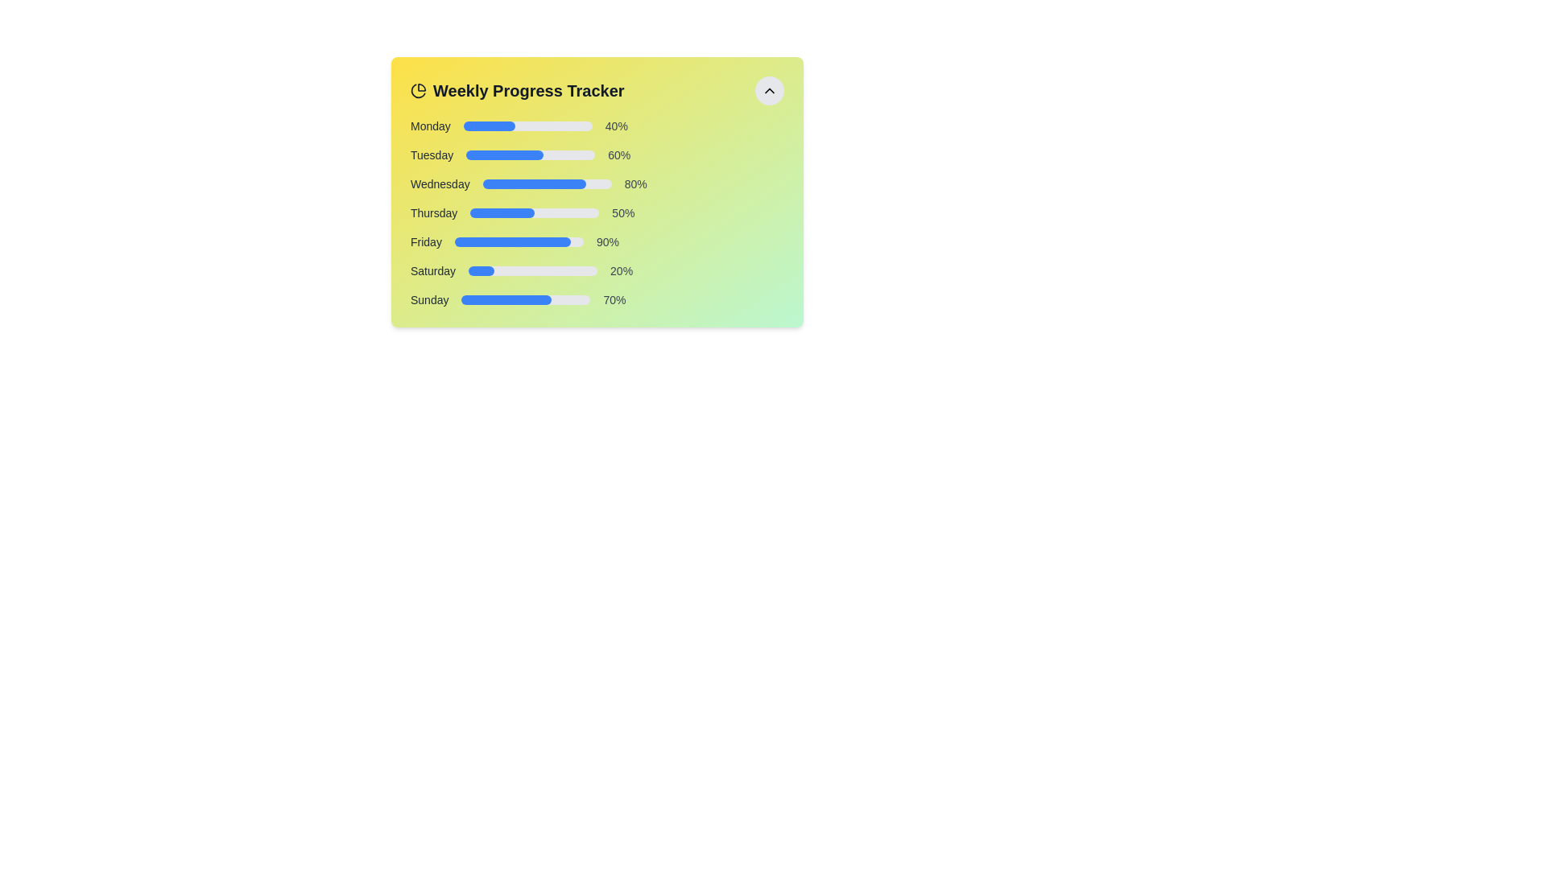 The width and height of the screenshot is (1546, 869). Describe the element at coordinates (418, 91) in the screenshot. I see `the decorative SVG graphic element that represents the second part of the pie chart icon in the top-left corner of the 'Weekly Progress Tracker' card` at that location.